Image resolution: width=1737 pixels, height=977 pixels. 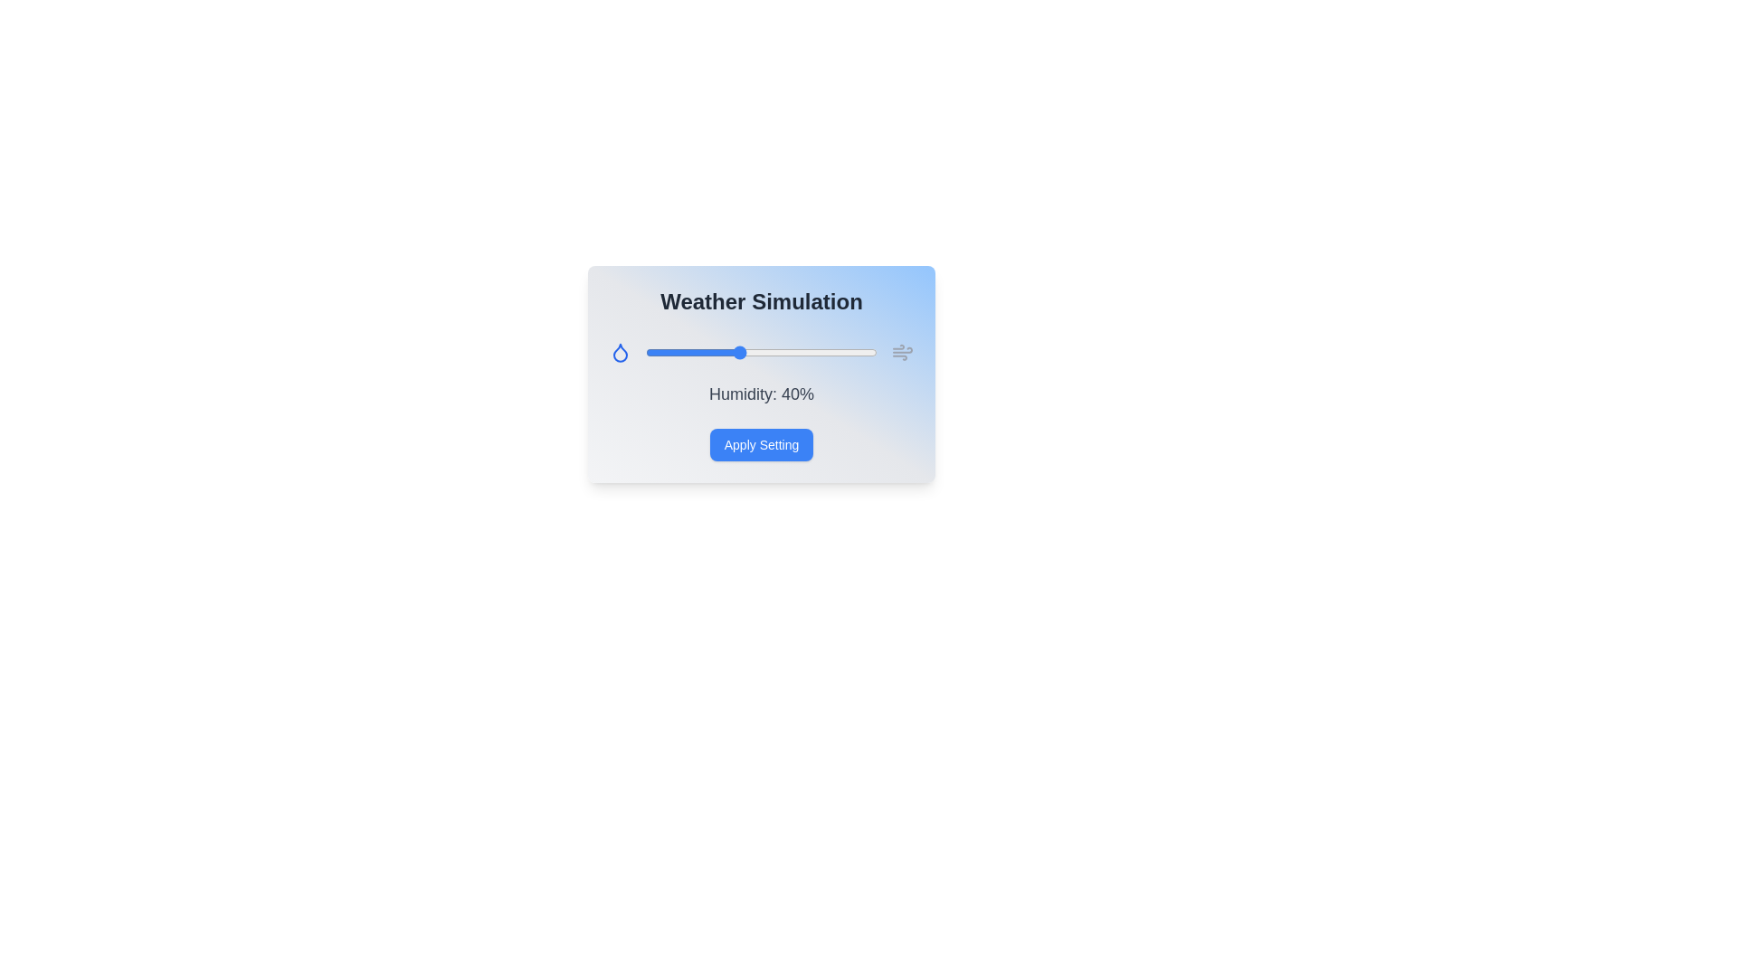 I want to click on the humidity slider to 88%, so click(x=849, y=352).